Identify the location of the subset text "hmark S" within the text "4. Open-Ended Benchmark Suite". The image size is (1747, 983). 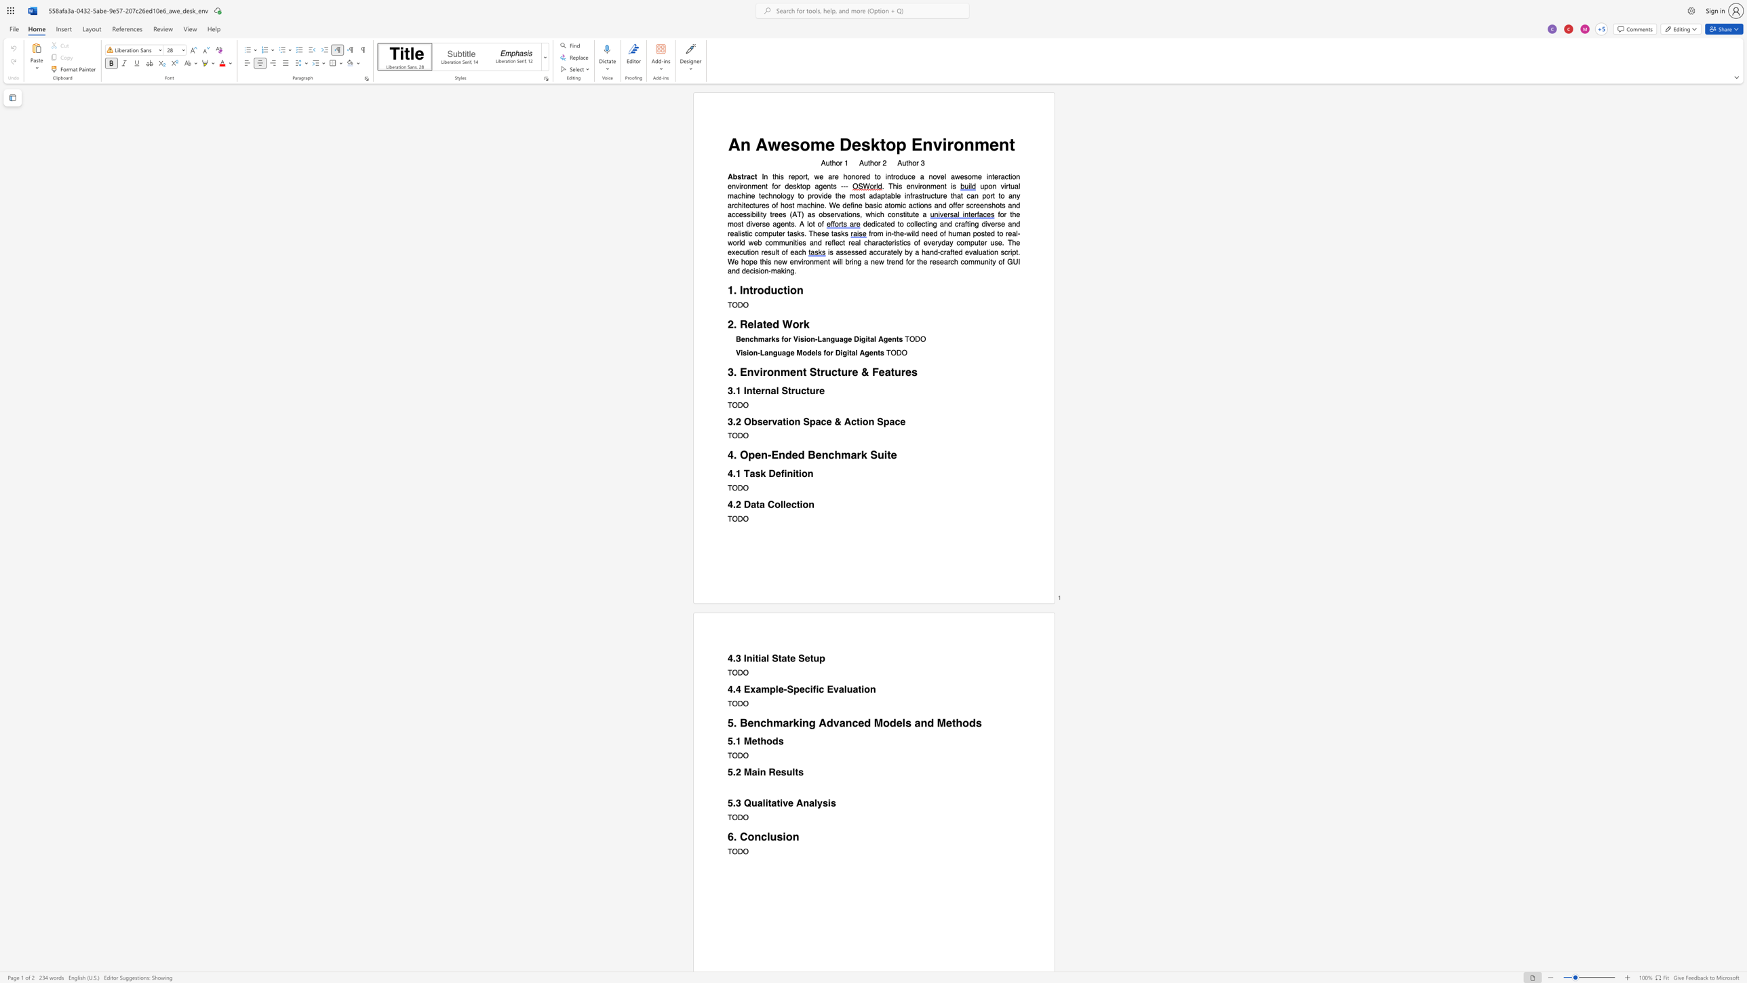
(834, 455).